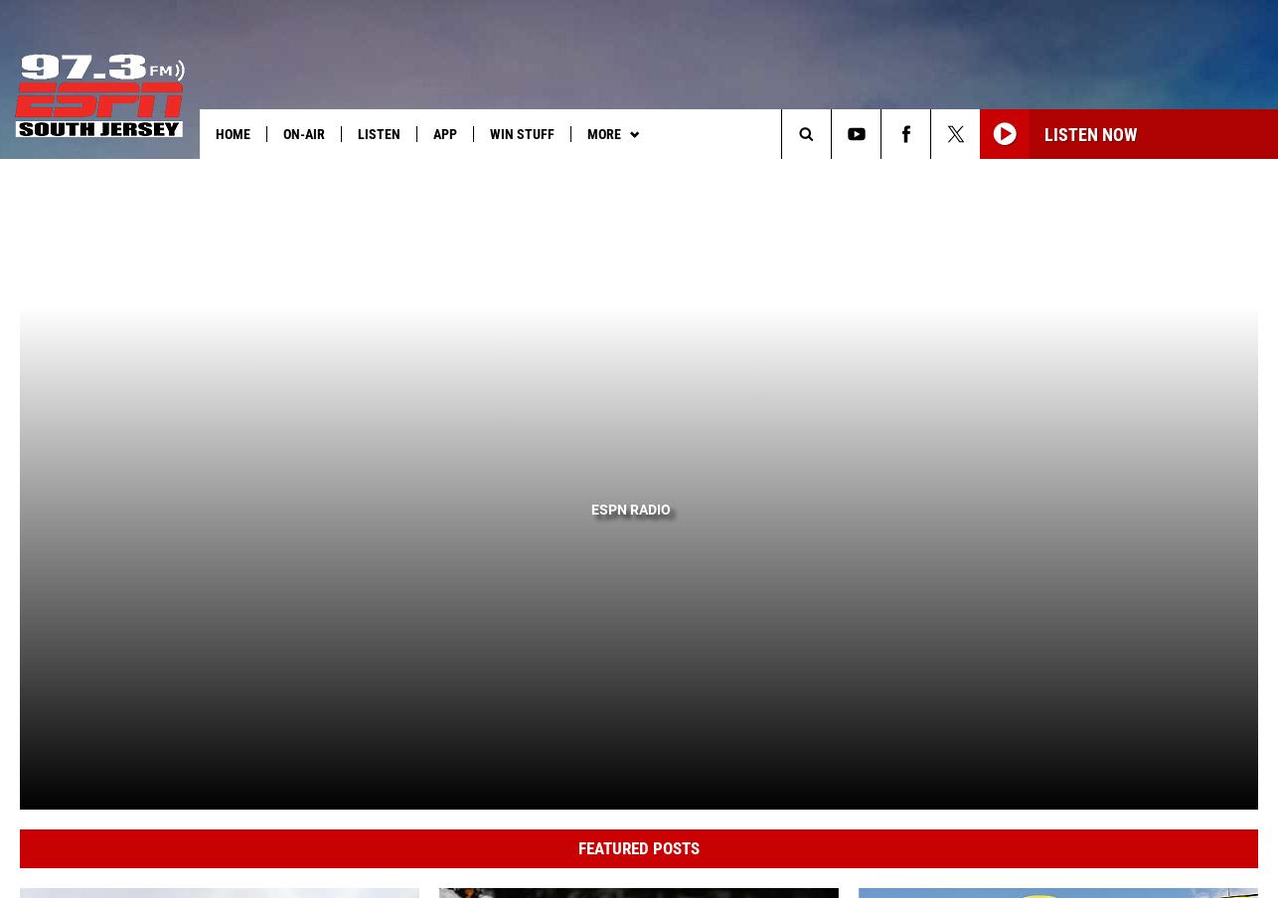 The image size is (1278, 898). Describe the element at coordinates (303, 132) in the screenshot. I see `'On-Air'` at that location.